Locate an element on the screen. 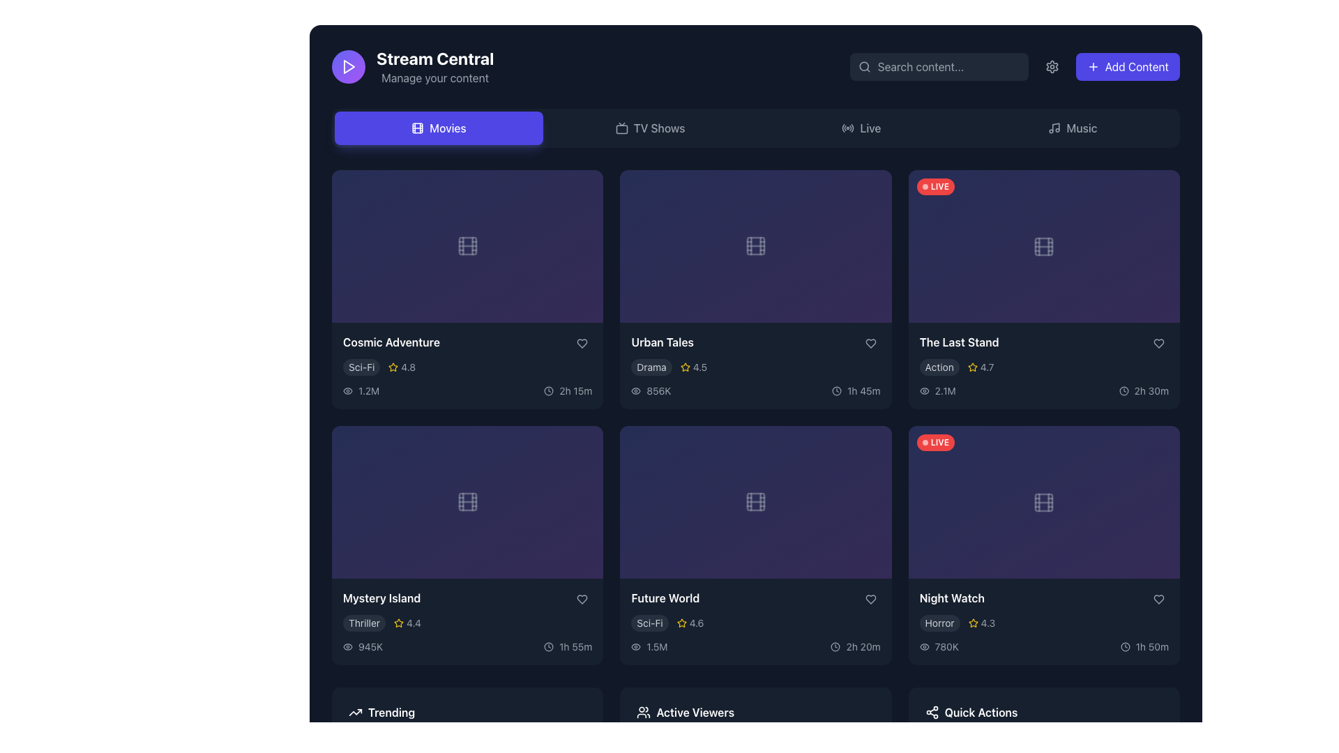 This screenshot has width=1339, height=753. the static text label displaying the title 'Future World' is located at coordinates (665, 597).